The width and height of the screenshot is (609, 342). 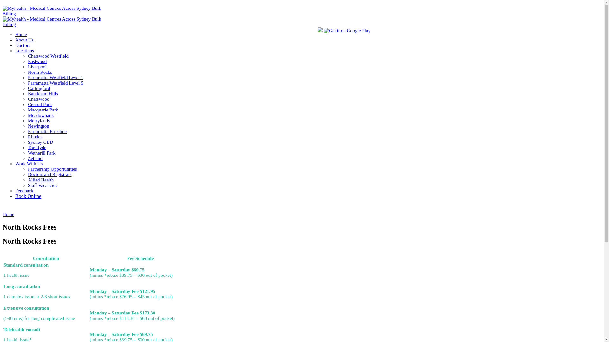 What do you see at coordinates (24, 190) in the screenshot?
I see `'Feedback'` at bounding box center [24, 190].